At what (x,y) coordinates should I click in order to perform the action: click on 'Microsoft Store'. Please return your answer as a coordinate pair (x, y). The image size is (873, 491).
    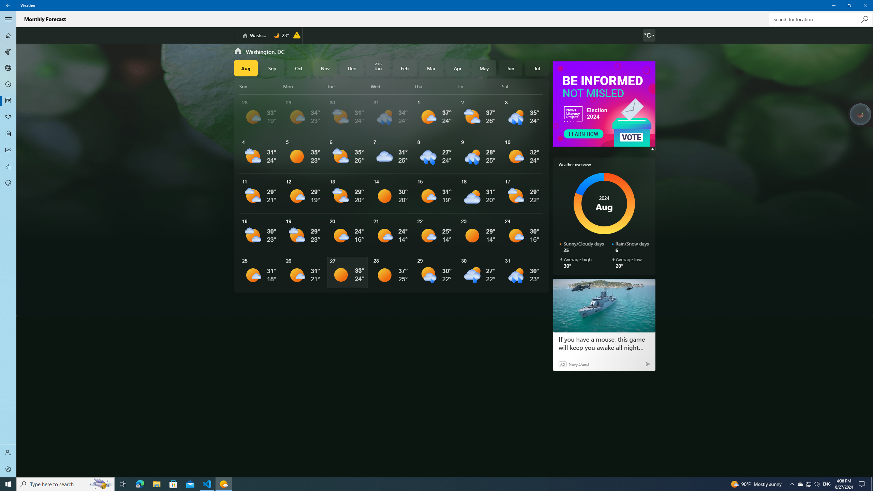
    Looking at the image, I should click on (174, 483).